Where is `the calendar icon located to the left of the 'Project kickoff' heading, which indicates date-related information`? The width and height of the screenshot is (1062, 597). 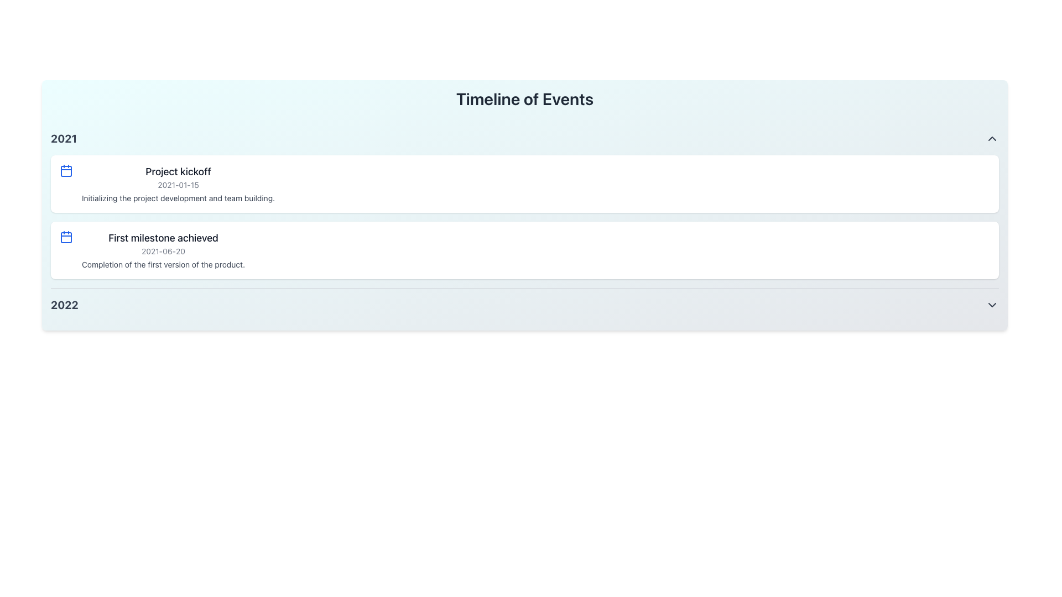
the calendar icon located to the left of the 'Project kickoff' heading, which indicates date-related information is located at coordinates (66, 170).